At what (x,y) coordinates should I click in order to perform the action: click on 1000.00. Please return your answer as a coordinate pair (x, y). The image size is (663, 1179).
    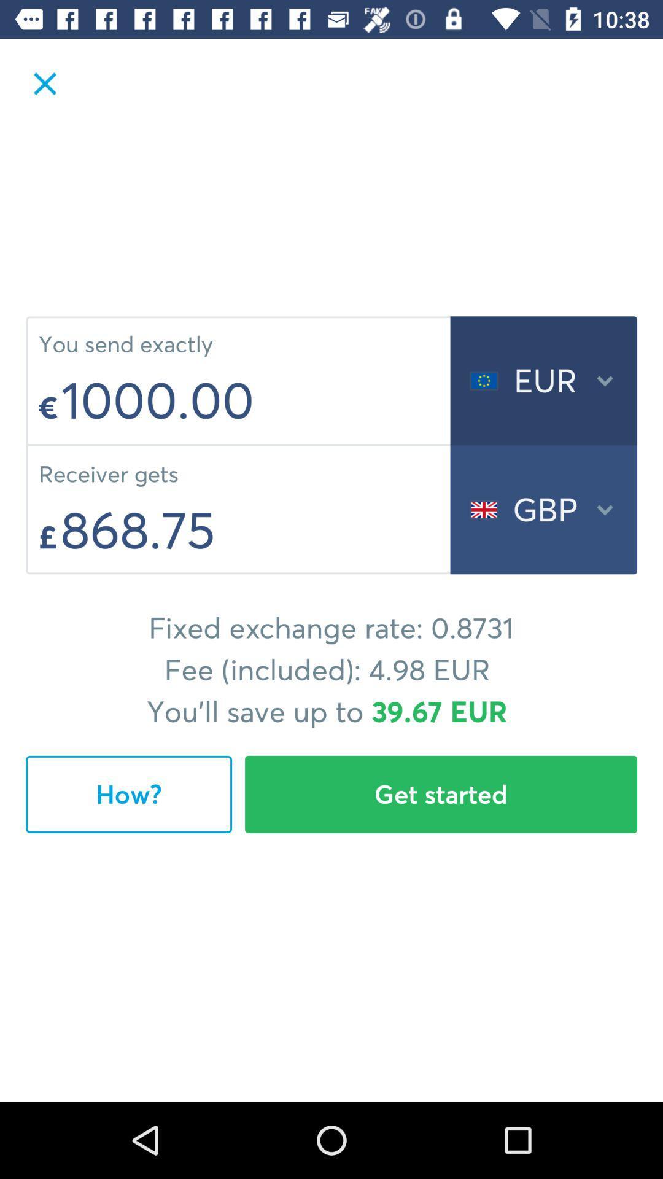
    Looking at the image, I should click on (252, 400).